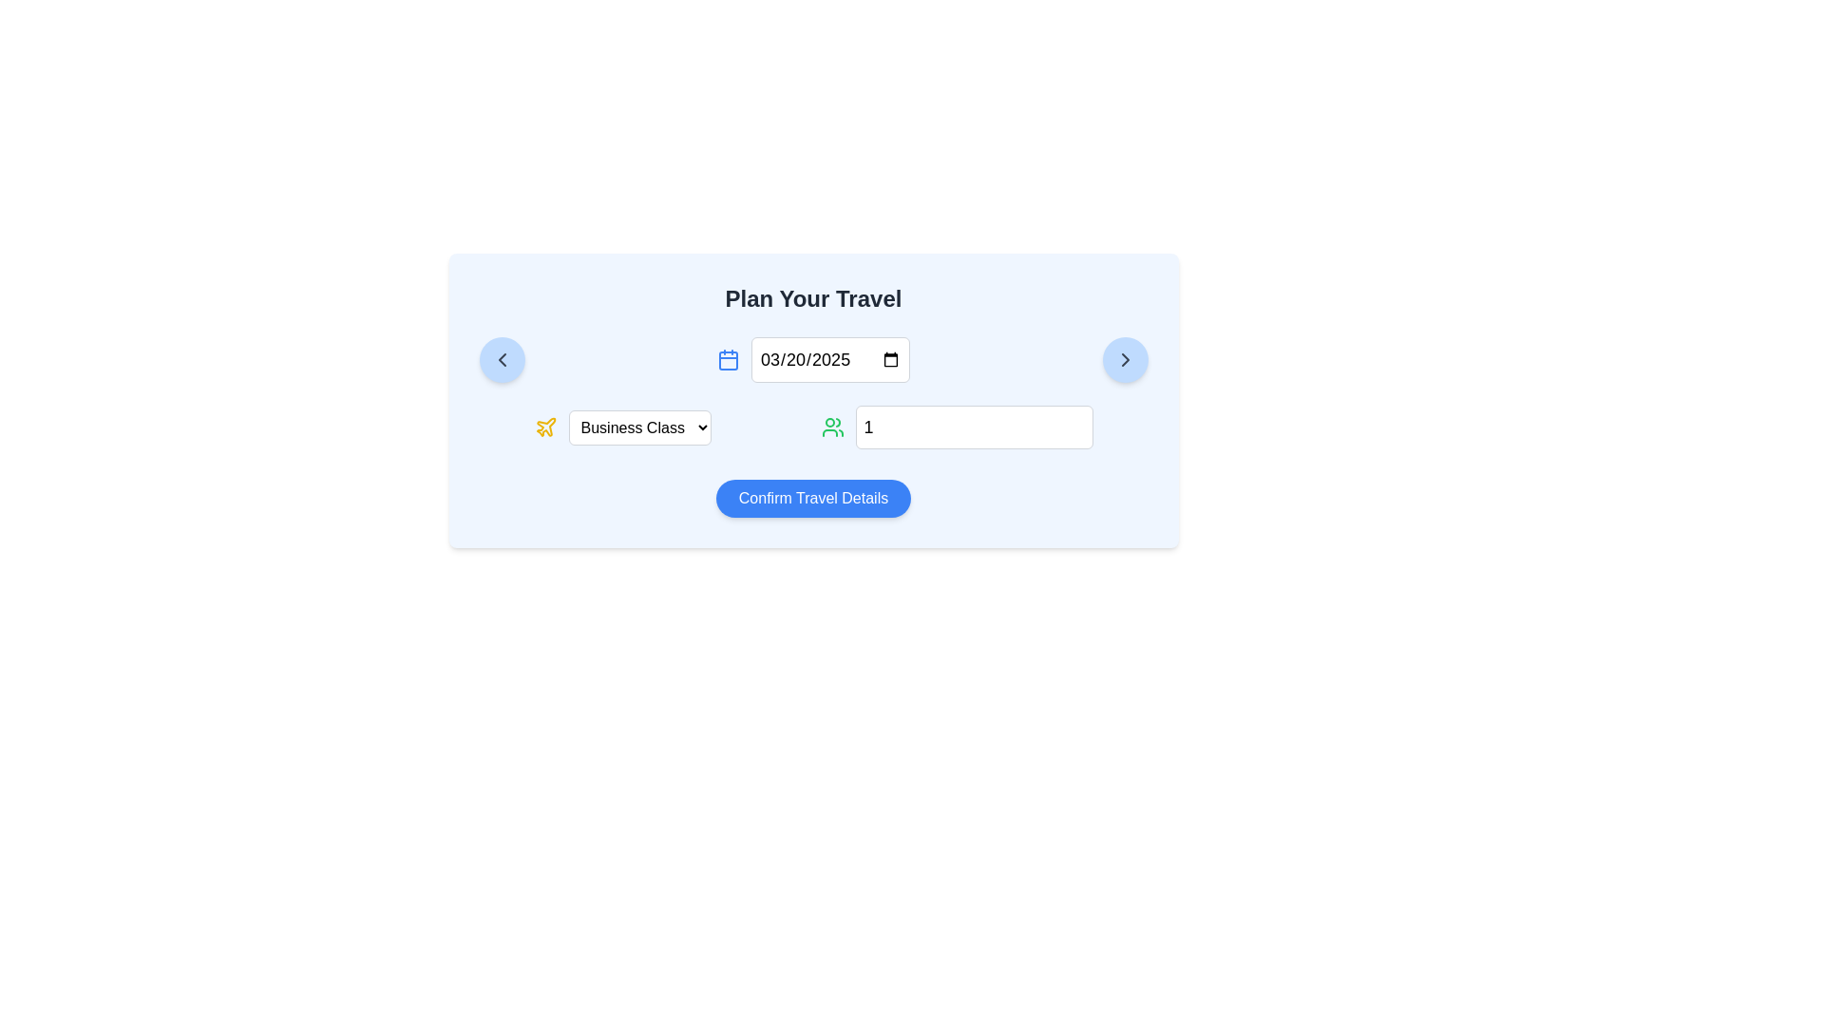 The height and width of the screenshot is (1026, 1824). Describe the element at coordinates (813, 359) in the screenshot. I see `the date input field displaying the default date '03/20/2025'` at that location.